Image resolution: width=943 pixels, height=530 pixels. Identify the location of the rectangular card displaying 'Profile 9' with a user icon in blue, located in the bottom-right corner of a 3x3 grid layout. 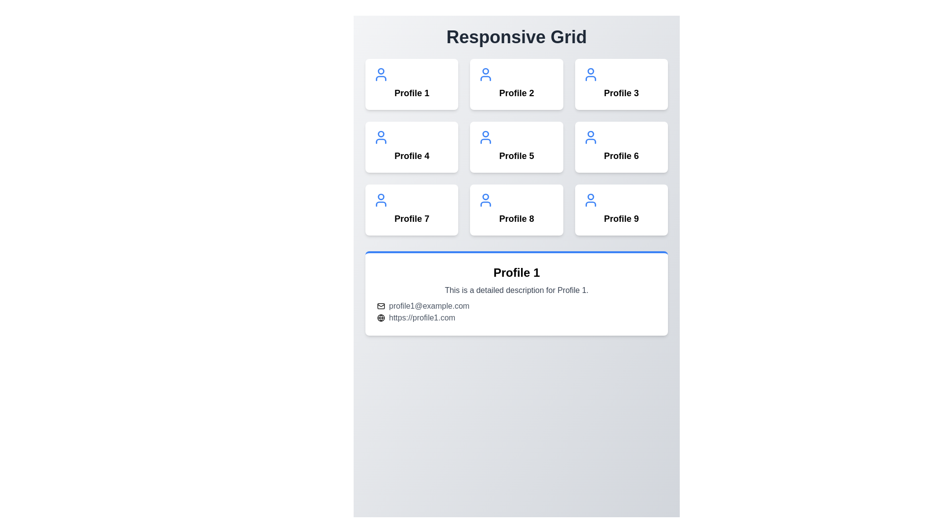
(621, 210).